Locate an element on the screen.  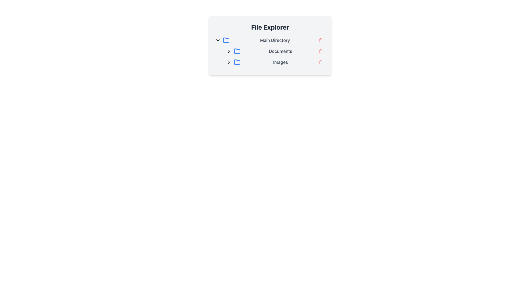
the Arrow icon next to the 'Documents' folder is located at coordinates (229, 62).